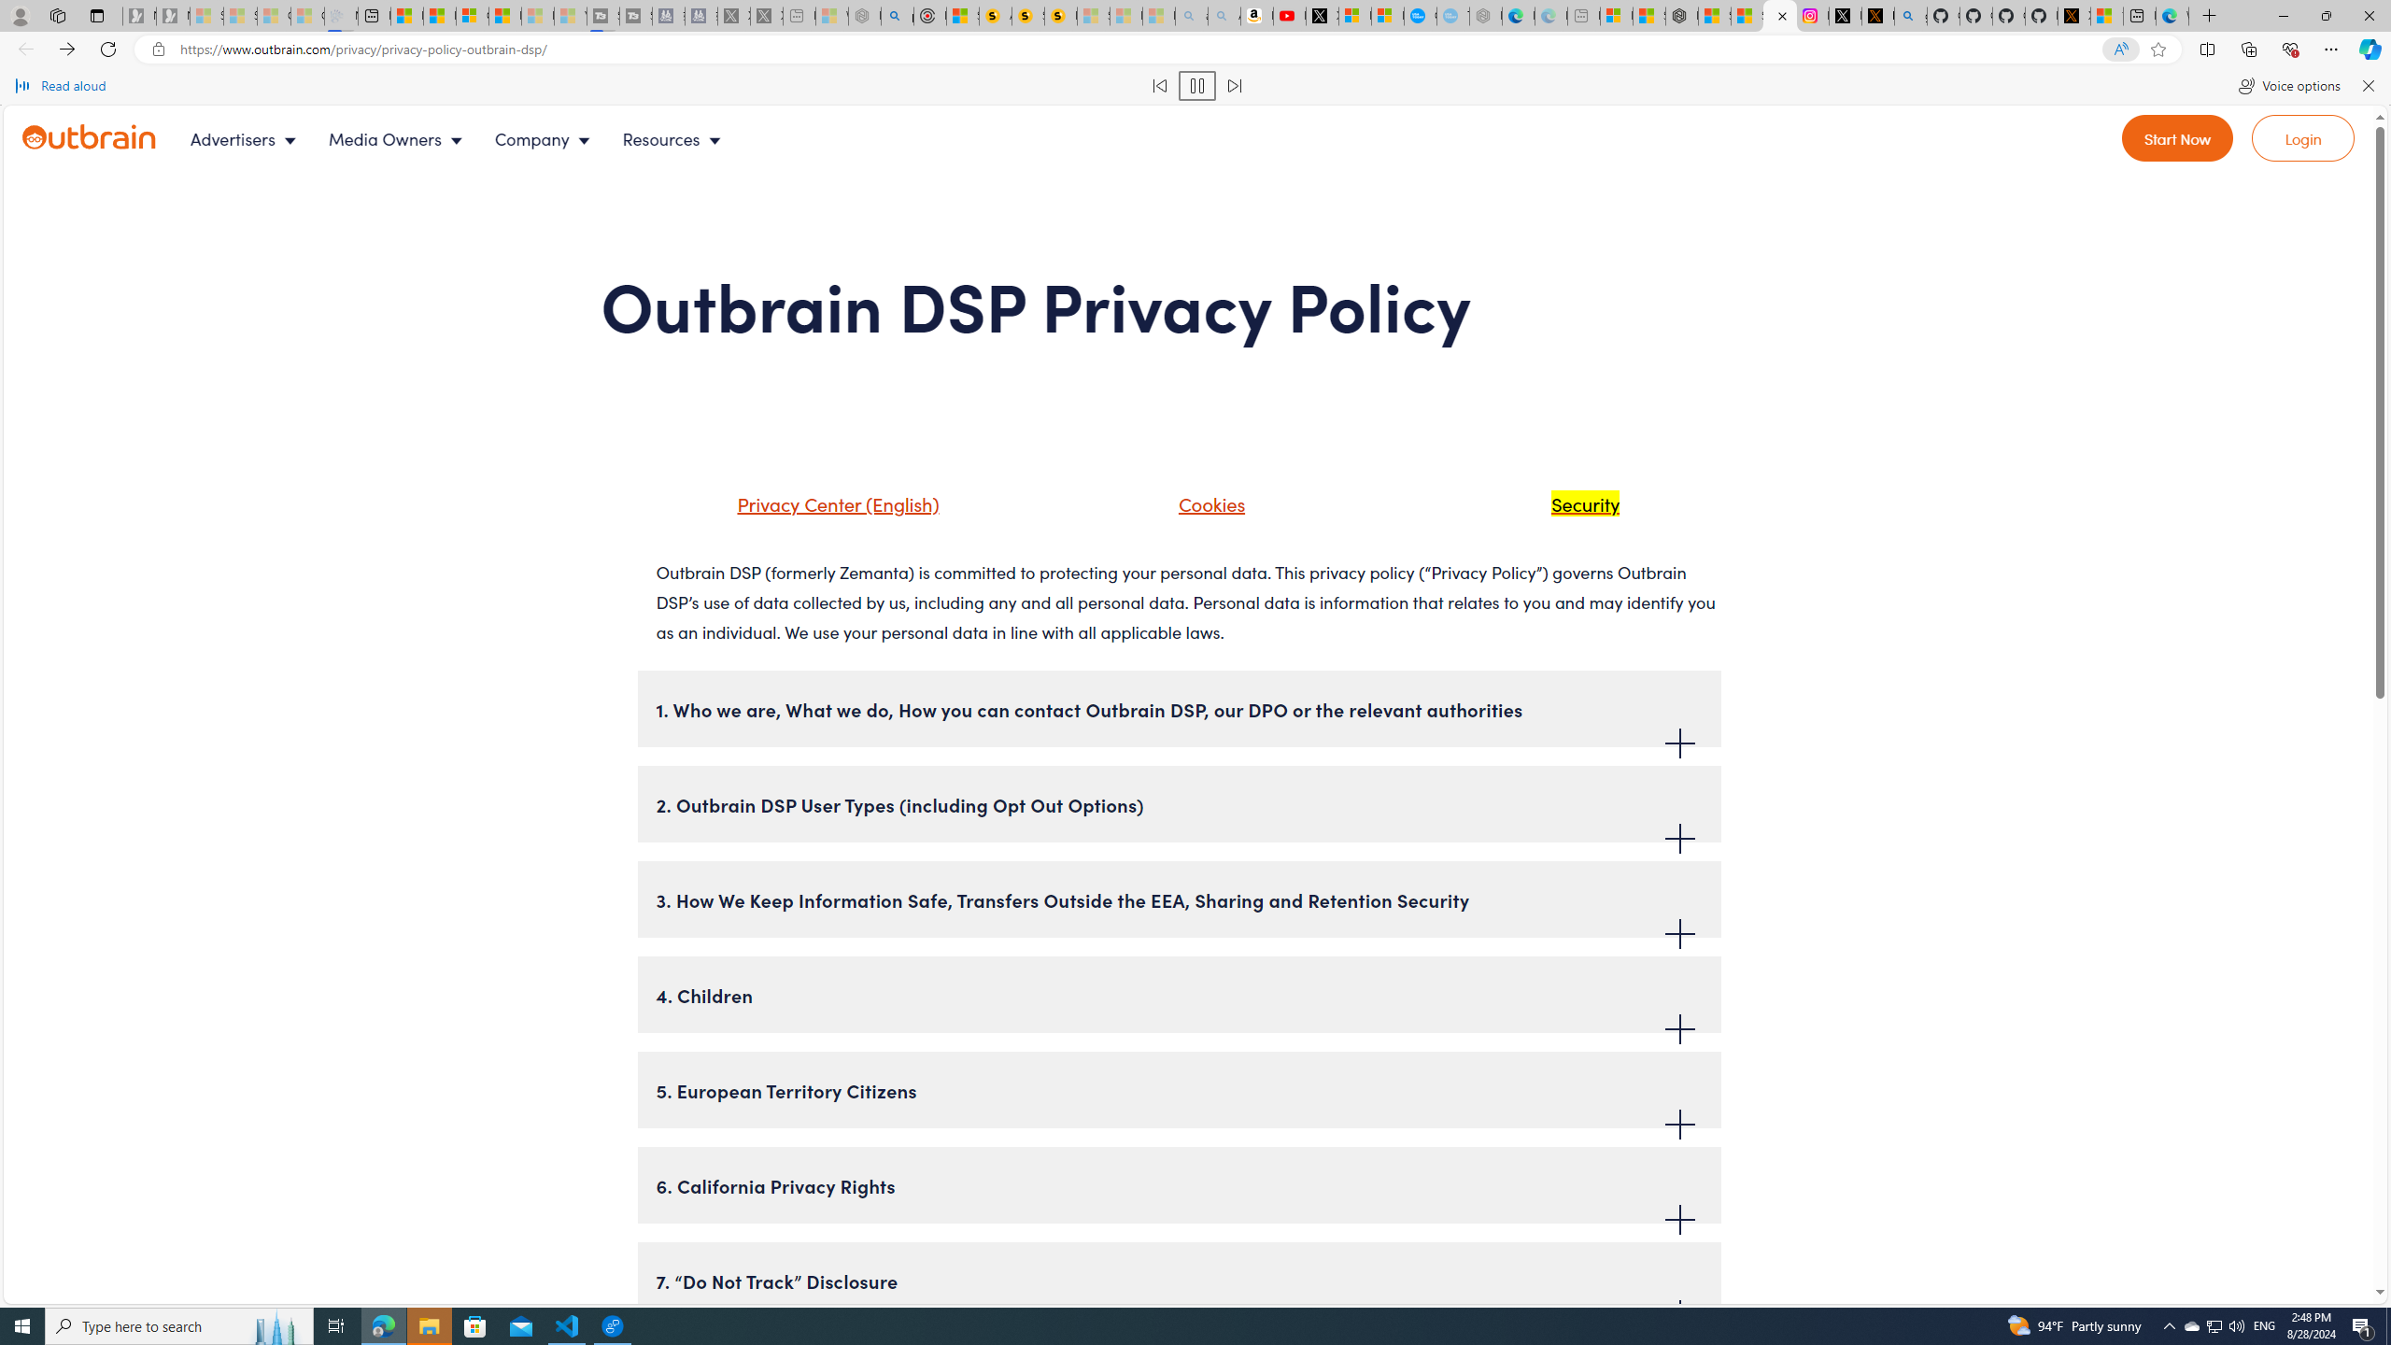 Image resolution: width=2391 pixels, height=1345 pixels. What do you see at coordinates (1420, 15) in the screenshot?
I see `'Opinion: Op-Ed and Commentary - USA TODAY'` at bounding box center [1420, 15].